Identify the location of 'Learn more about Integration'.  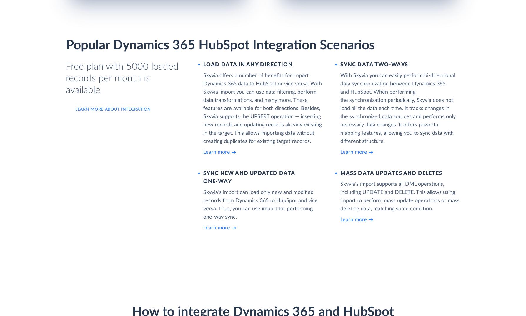
(113, 109).